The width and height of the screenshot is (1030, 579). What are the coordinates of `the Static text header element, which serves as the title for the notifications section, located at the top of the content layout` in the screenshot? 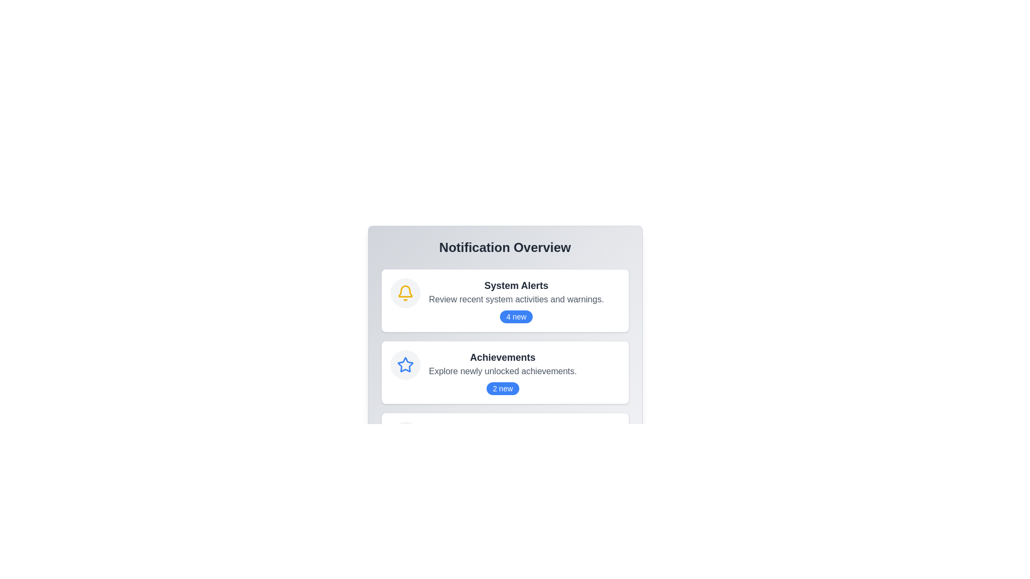 It's located at (504, 248).